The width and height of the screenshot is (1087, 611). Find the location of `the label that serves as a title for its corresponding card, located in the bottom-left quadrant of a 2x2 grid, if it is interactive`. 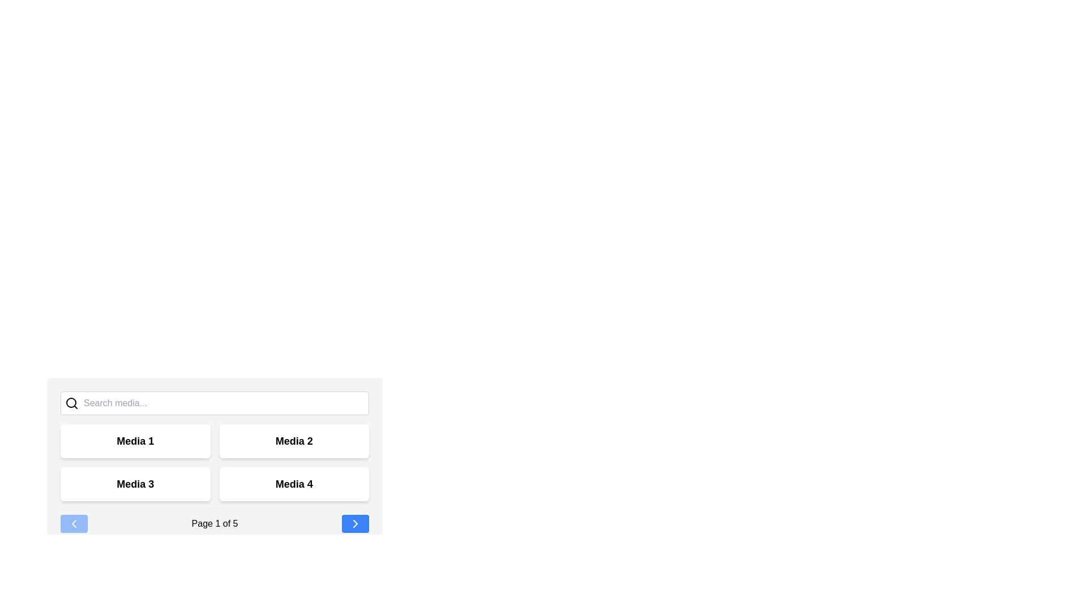

the label that serves as a title for its corresponding card, located in the bottom-left quadrant of a 2x2 grid, if it is interactive is located at coordinates (135, 484).